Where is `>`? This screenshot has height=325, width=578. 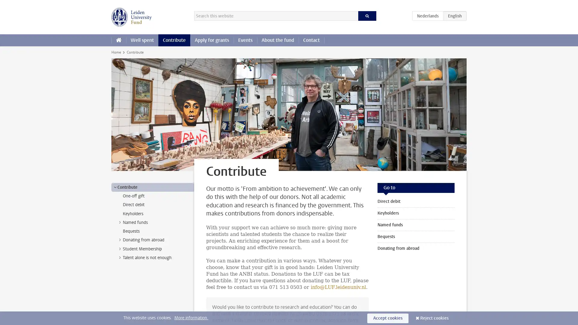
> is located at coordinates (120, 257).